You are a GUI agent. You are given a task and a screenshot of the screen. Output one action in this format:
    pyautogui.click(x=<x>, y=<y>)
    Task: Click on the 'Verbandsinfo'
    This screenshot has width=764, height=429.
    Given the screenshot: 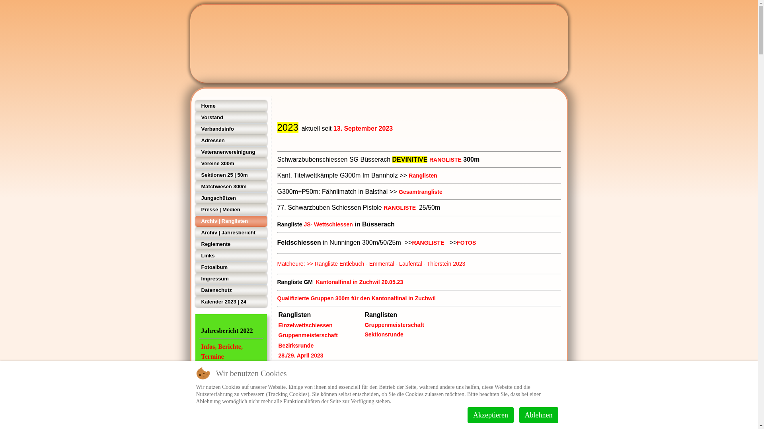 What is the action you would take?
    pyautogui.click(x=230, y=128)
    